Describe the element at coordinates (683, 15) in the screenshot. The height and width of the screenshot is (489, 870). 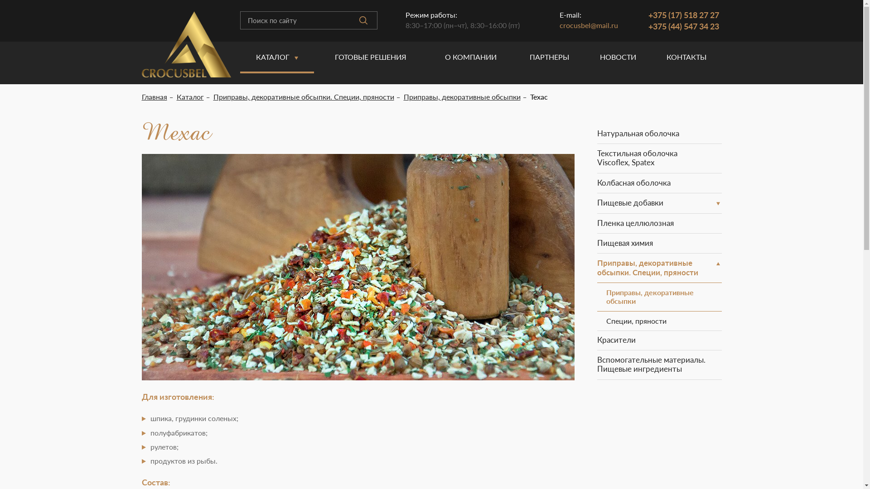
I see `'+375 (17) 518 27 27'` at that location.